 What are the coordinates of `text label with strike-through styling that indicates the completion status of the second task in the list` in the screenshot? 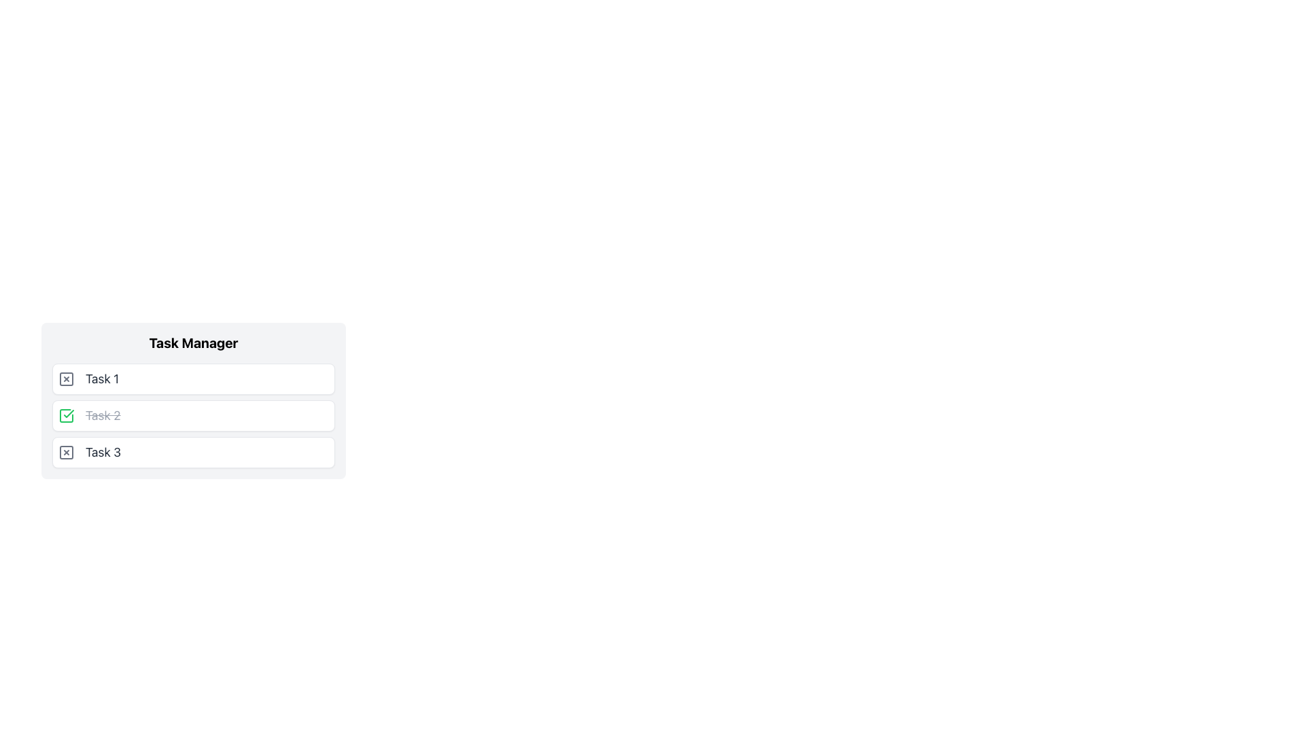 It's located at (102, 415).